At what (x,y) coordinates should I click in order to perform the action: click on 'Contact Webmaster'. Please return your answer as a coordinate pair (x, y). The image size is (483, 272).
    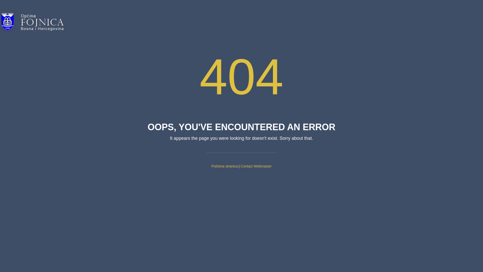
    Looking at the image, I should click on (256, 166).